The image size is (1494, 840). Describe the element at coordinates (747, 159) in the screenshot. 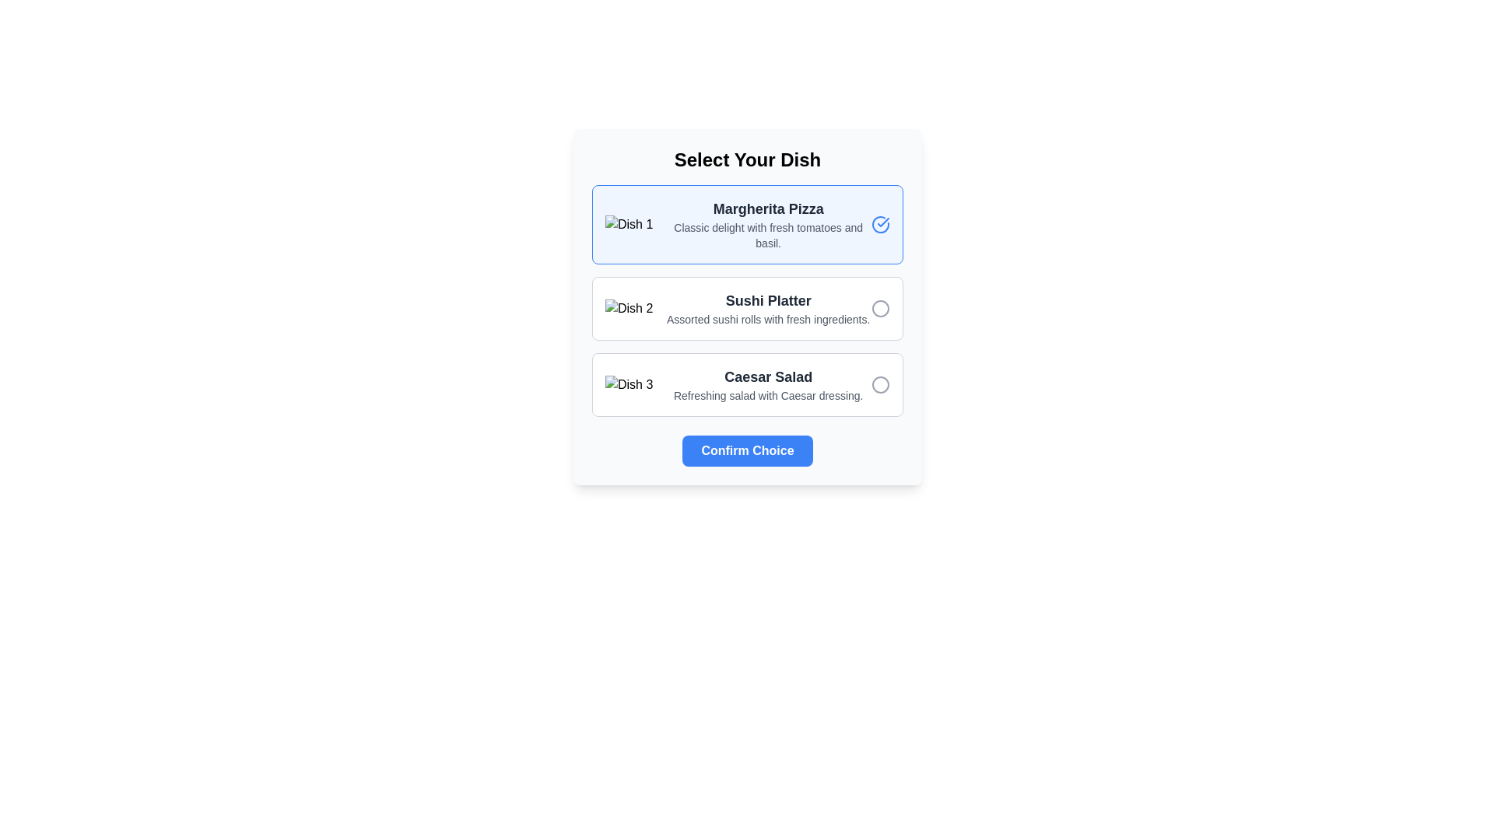

I see `bold text element displaying the phrase 'Select Your Dish' centered at the top of the selection menu` at that location.